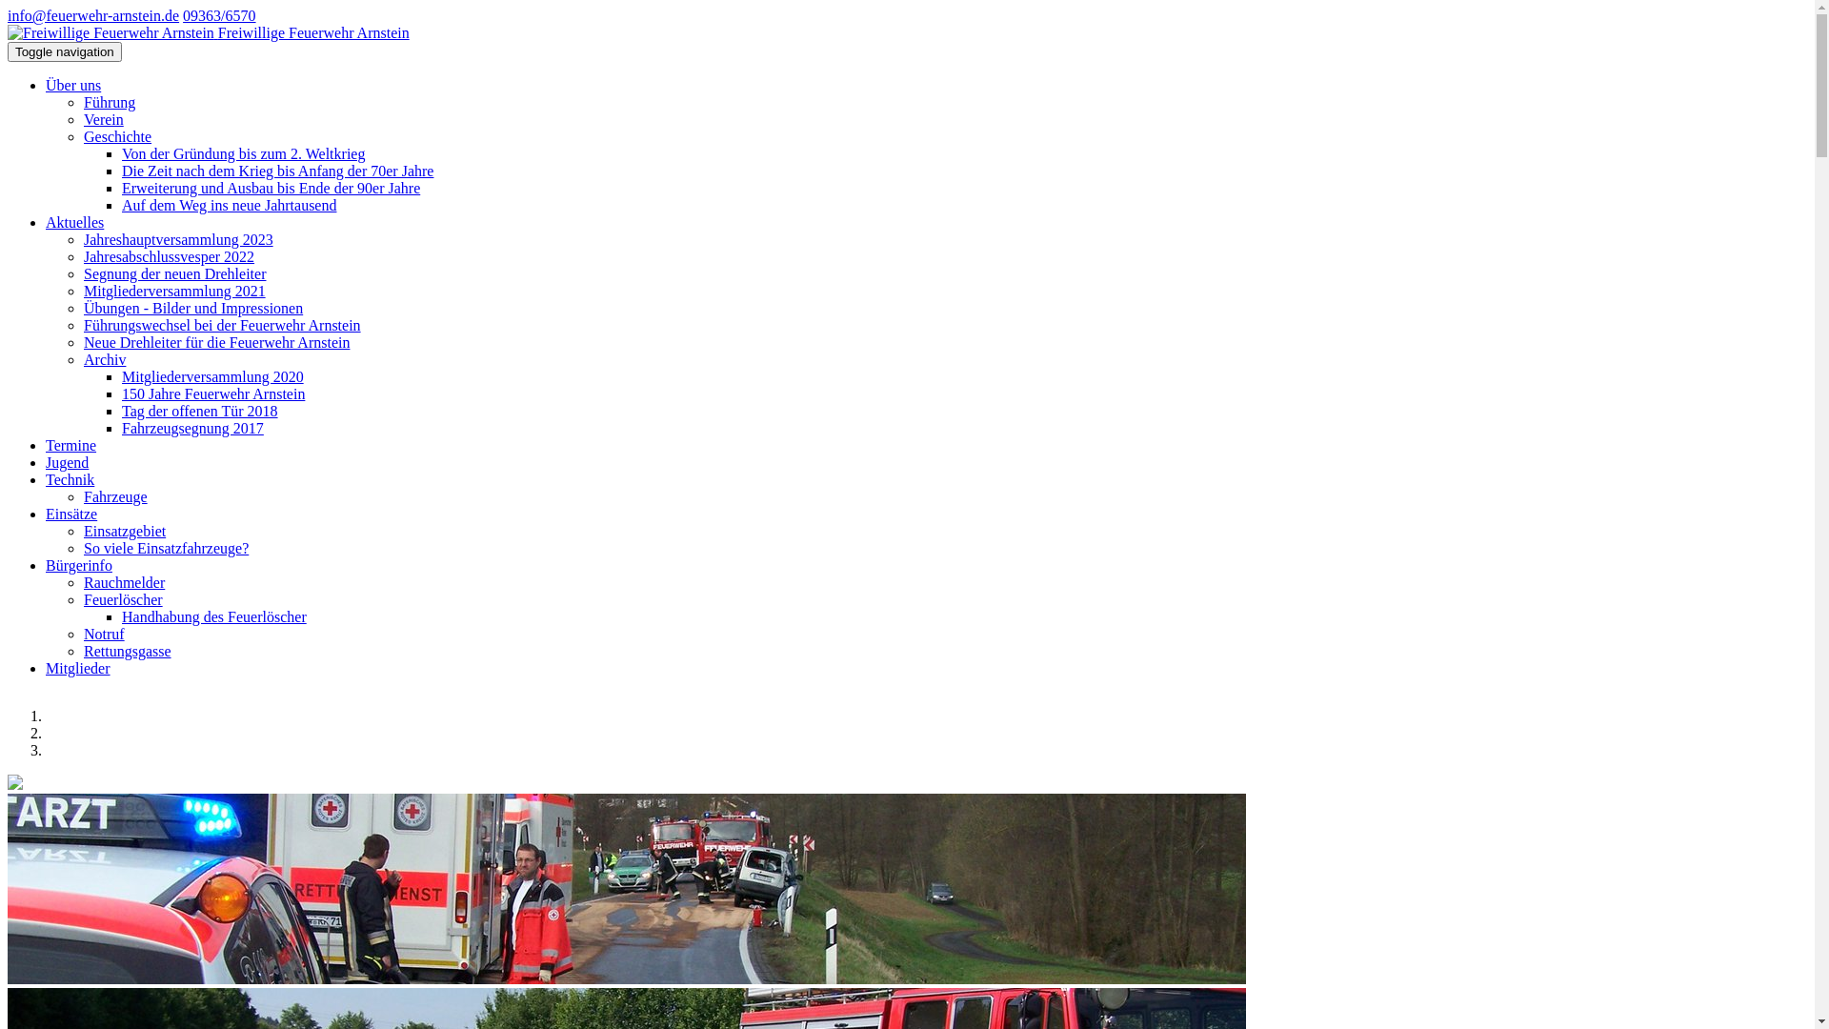 This screenshot has width=1829, height=1029. Describe the element at coordinates (82, 359) in the screenshot. I see `'Archiv'` at that location.